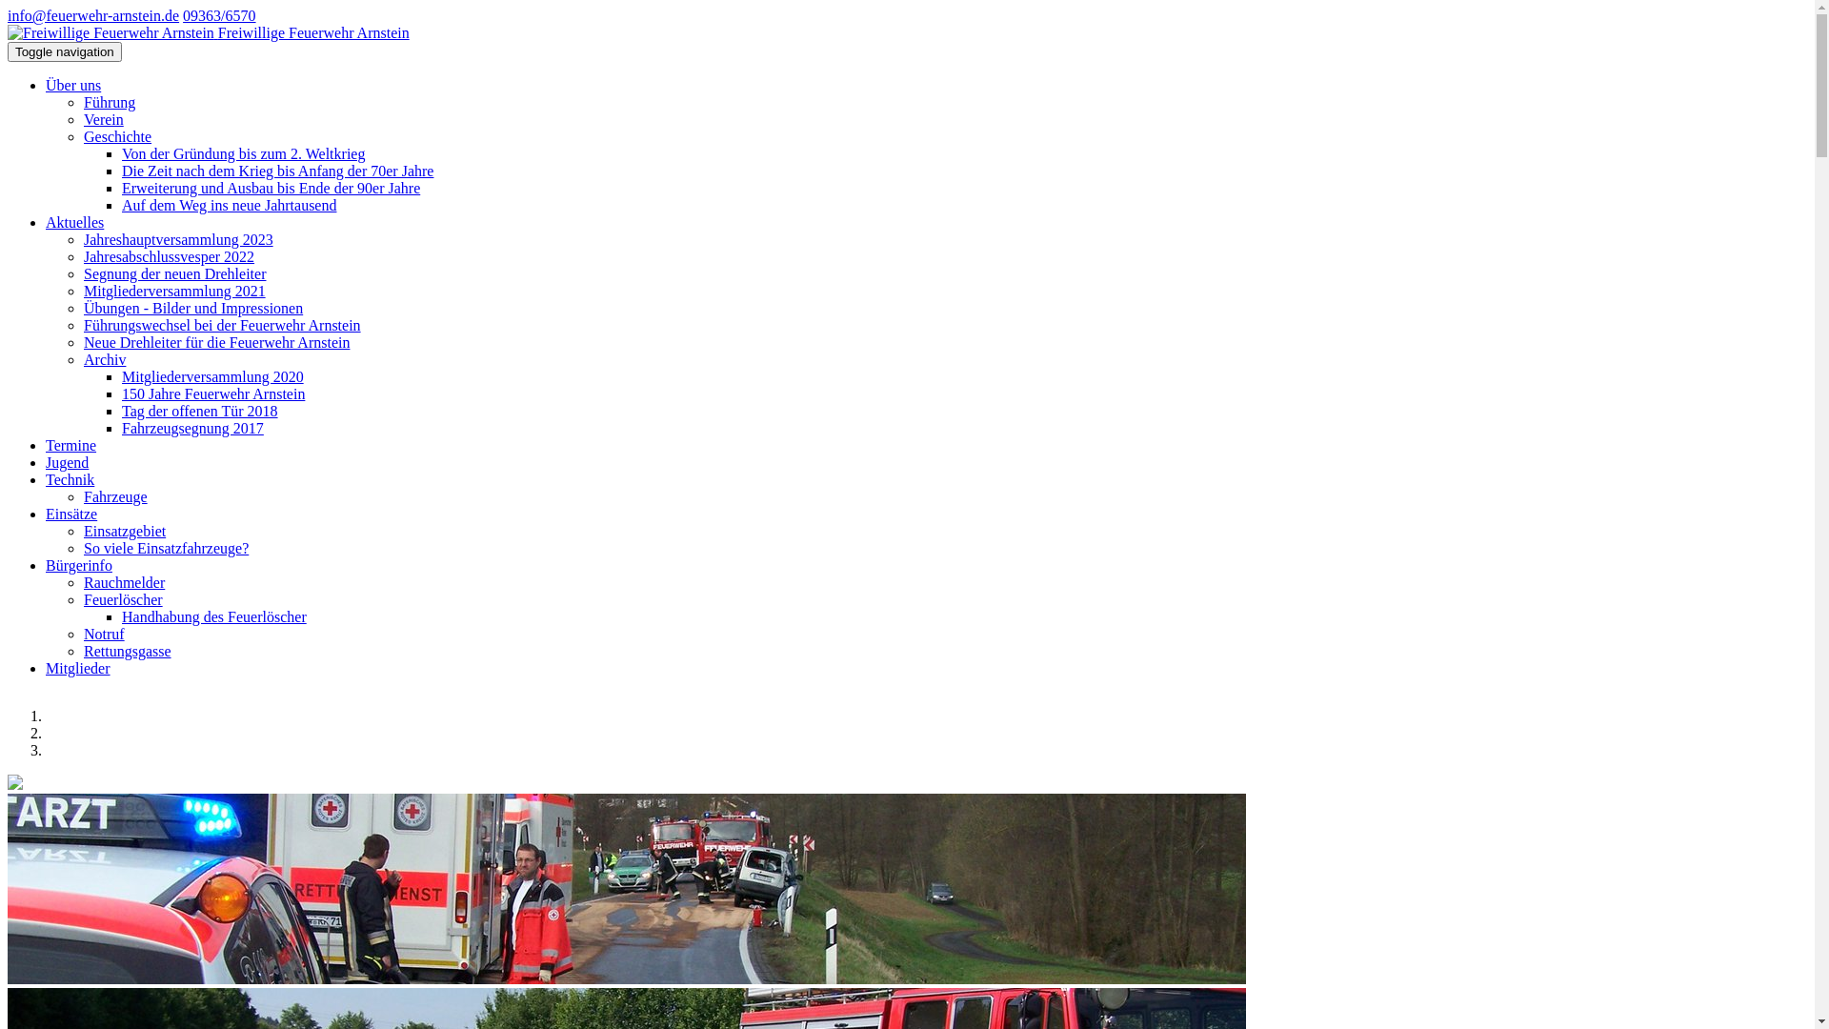 This screenshot has width=1829, height=1029. Describe the element at coordinates (82, 359) in the screenshot. I see `'Archiv'` at that location.